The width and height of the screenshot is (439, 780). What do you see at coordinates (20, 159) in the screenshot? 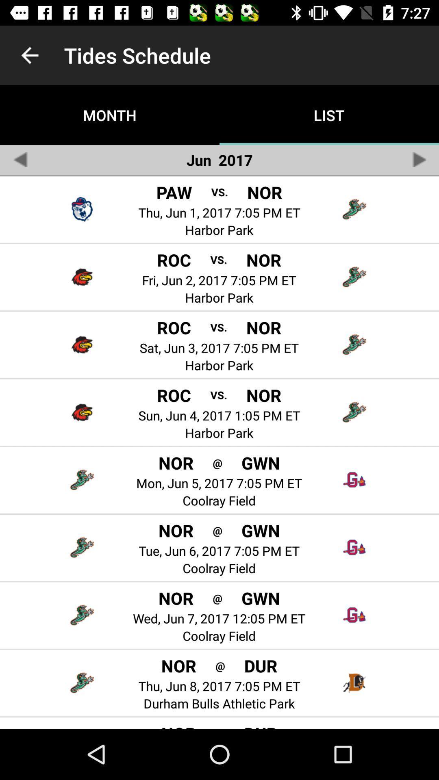
I see `previous month` at bounding box center [20, 159].